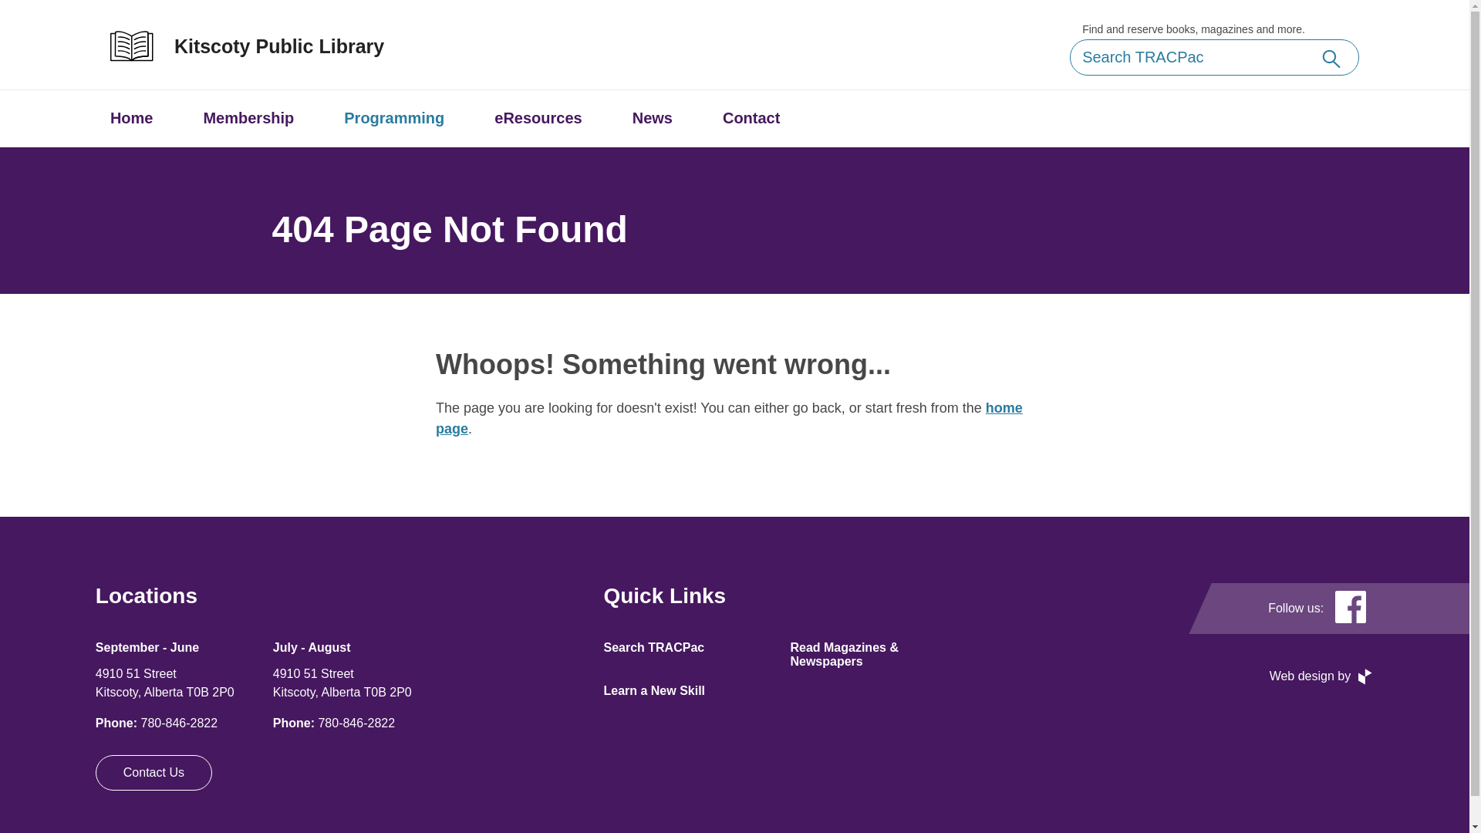  Describe the element at coordinates (843, 654) in the screenshot. I see `'Read Magazines & Newspapers'` at that location.